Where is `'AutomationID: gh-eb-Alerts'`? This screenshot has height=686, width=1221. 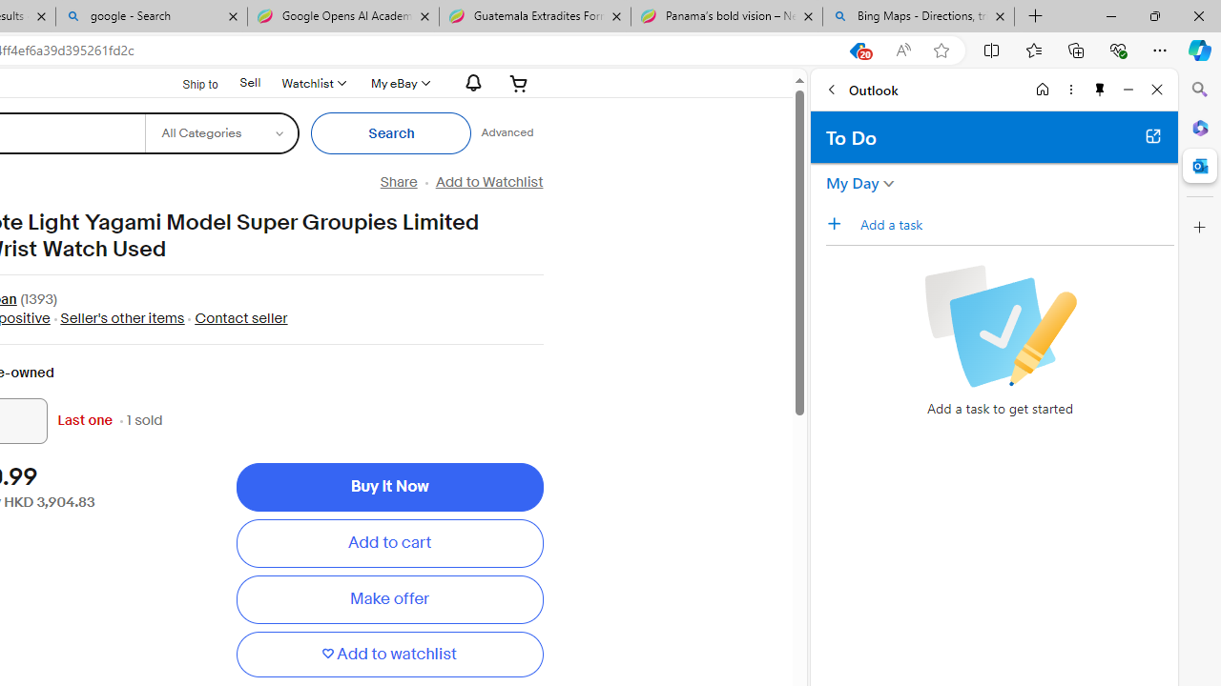 'AutomationID: gh-eb-Alerts' is located at coordinates (470, 82).